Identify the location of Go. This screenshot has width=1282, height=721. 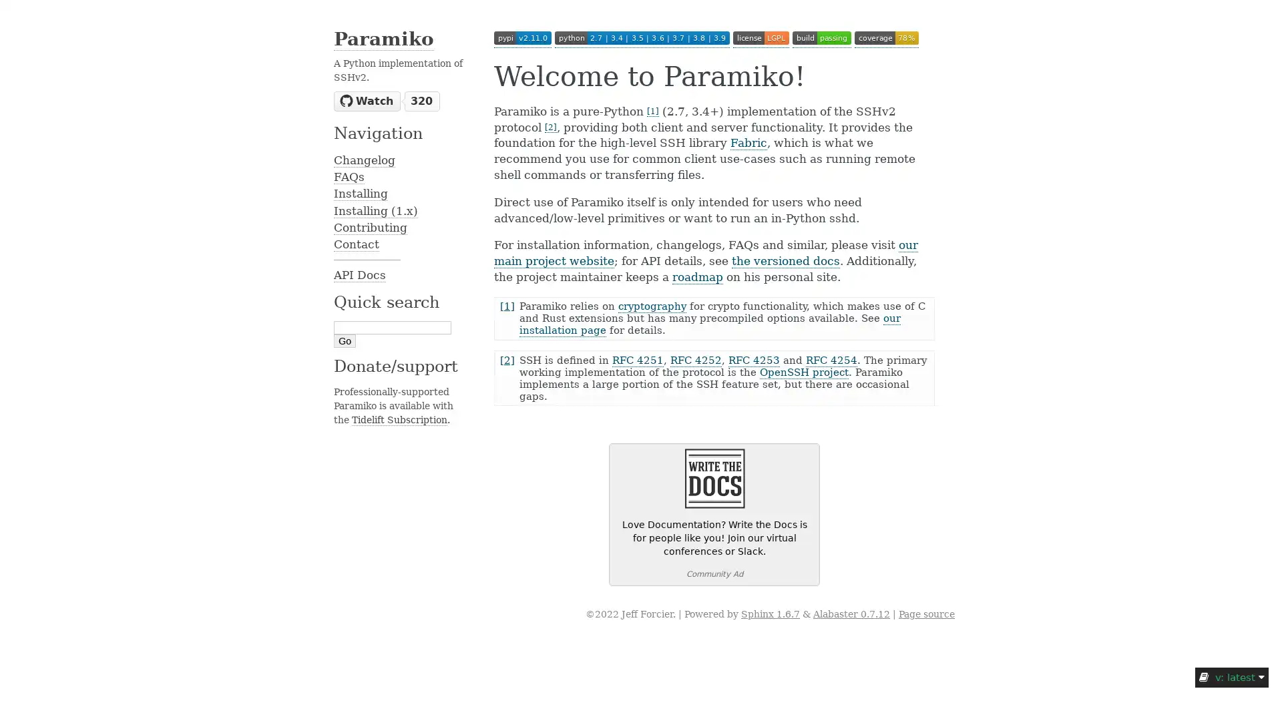
(345, 340).